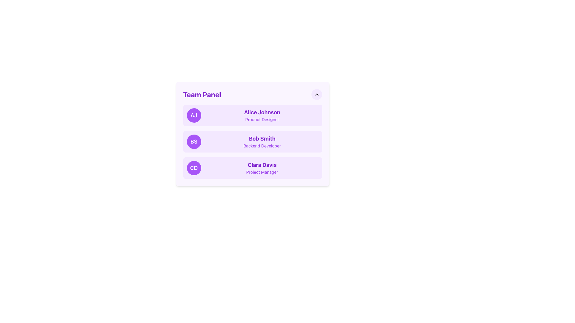  I want to click on text content of the element styled as 'Alice Johnson' in a bold, large font size, colored purple, and located in the top section of the 'Team Panel', so click(262, 112).